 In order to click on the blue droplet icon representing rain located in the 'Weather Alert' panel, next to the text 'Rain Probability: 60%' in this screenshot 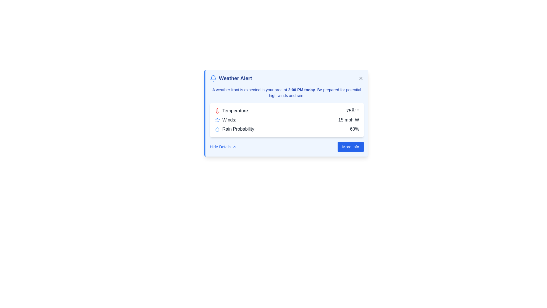, I will do `click(217, 129)`.